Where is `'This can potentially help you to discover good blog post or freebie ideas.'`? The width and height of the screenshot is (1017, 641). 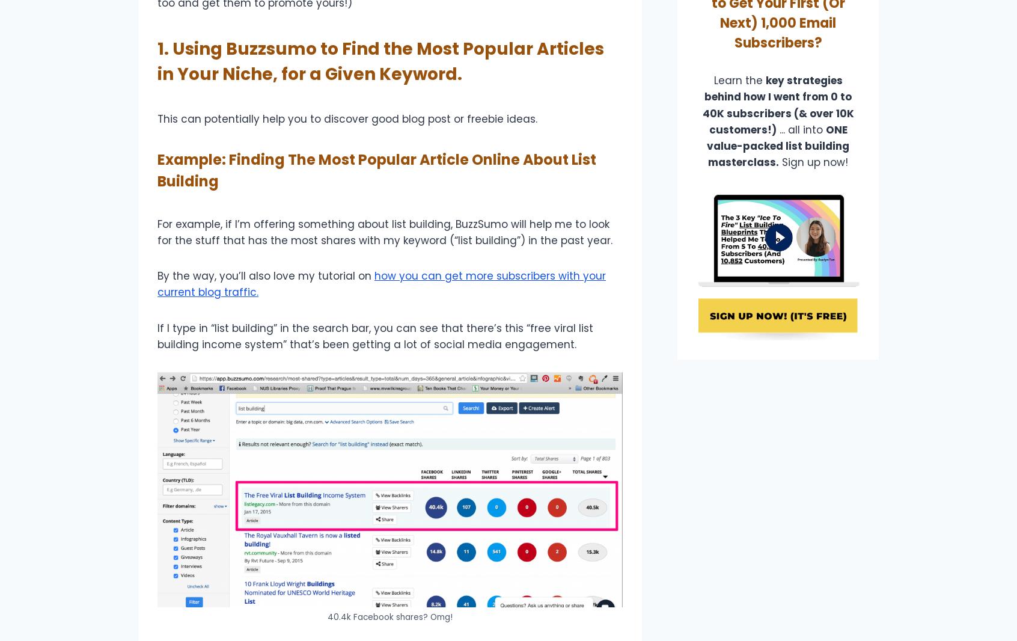 'This can potentially help you to discover good blog post or freebie ideas.' is located at coordinates (157, 117).